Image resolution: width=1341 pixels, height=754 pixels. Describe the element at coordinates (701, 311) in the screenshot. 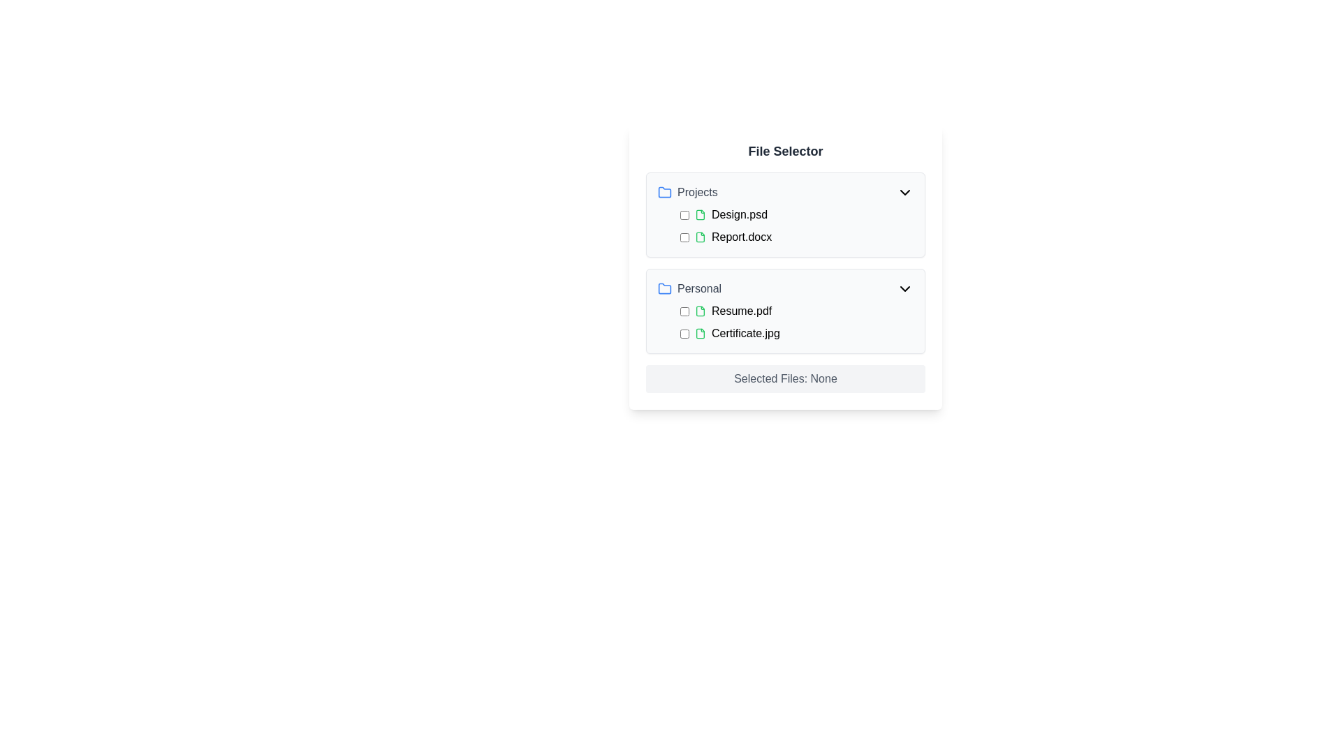

I see `the file icon representing 'Resume.pdf' located in the 'Personal' section, positioned to the left of the text and right of the checkbox` at that location.